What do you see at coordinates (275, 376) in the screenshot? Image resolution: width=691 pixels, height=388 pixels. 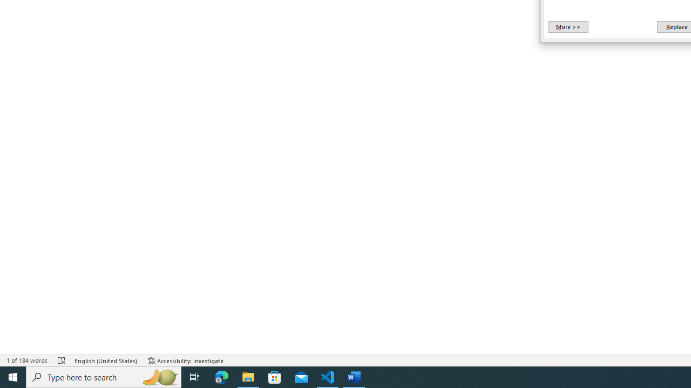 I see `'Microsoft Store'` at bounding box center [275, 376].